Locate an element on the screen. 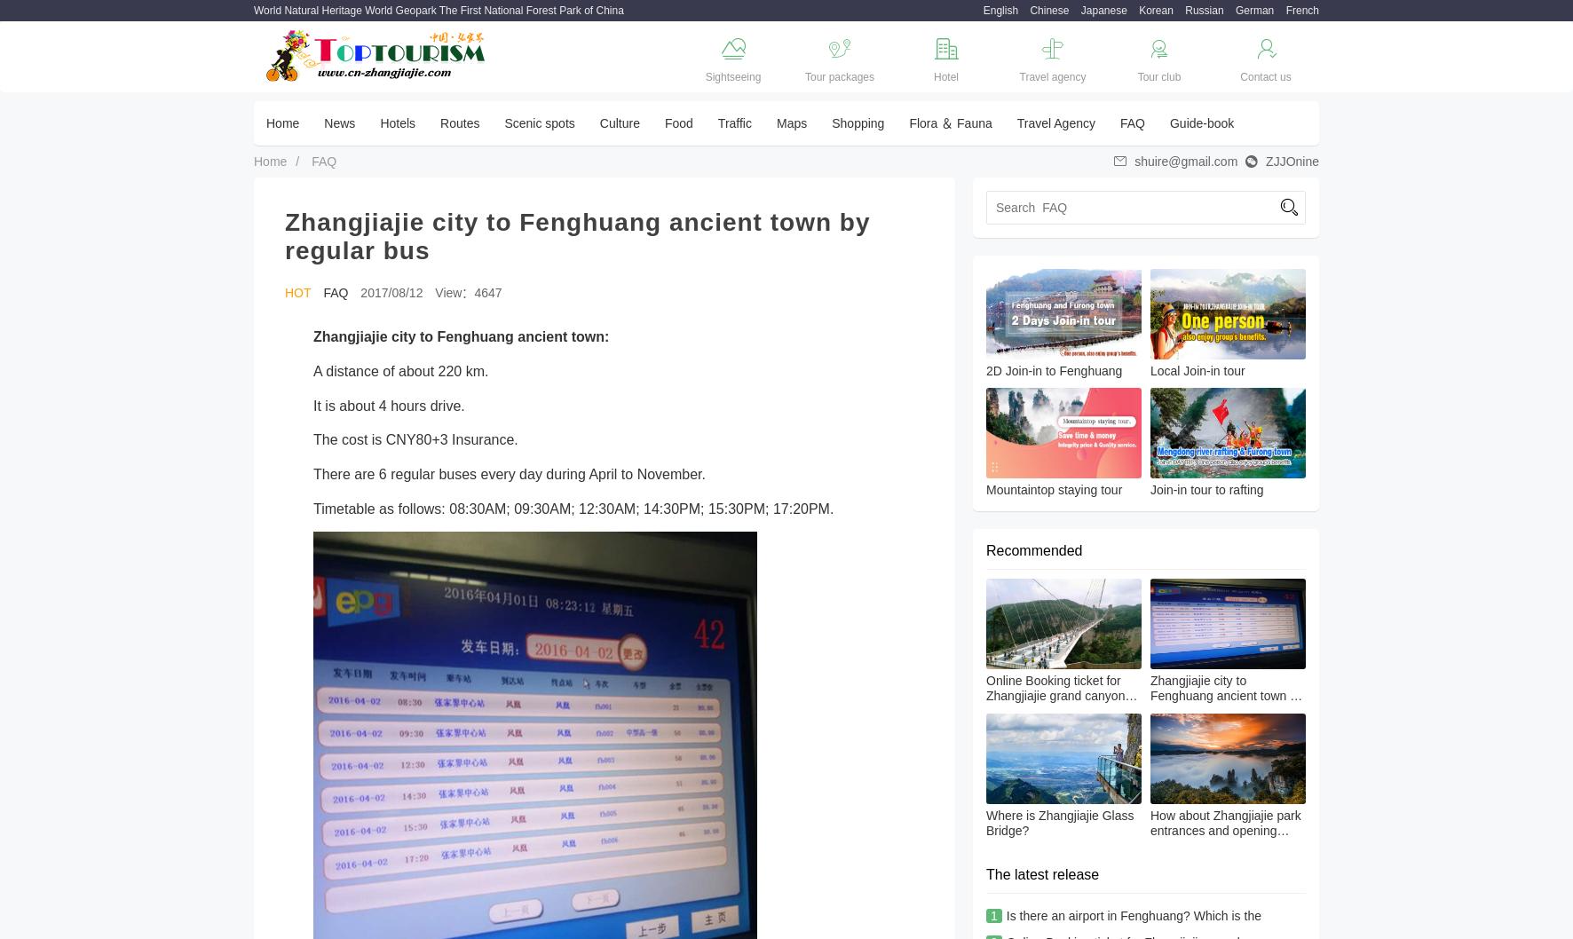 The width and height of the screenshot is (1573, 939). 'Home' is located at coordinates (281, 122).